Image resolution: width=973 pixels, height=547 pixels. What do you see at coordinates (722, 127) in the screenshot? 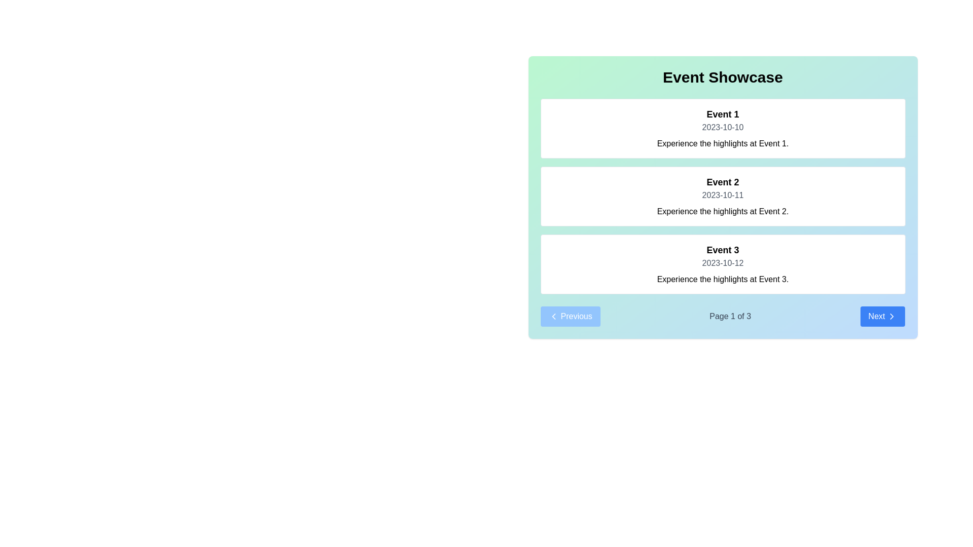
I see `the text label displaying the date '2023-10-10' located in the first event card, positioned below 'Event 1' and above the descriptive paragraph` at bounding box center [722, 127].